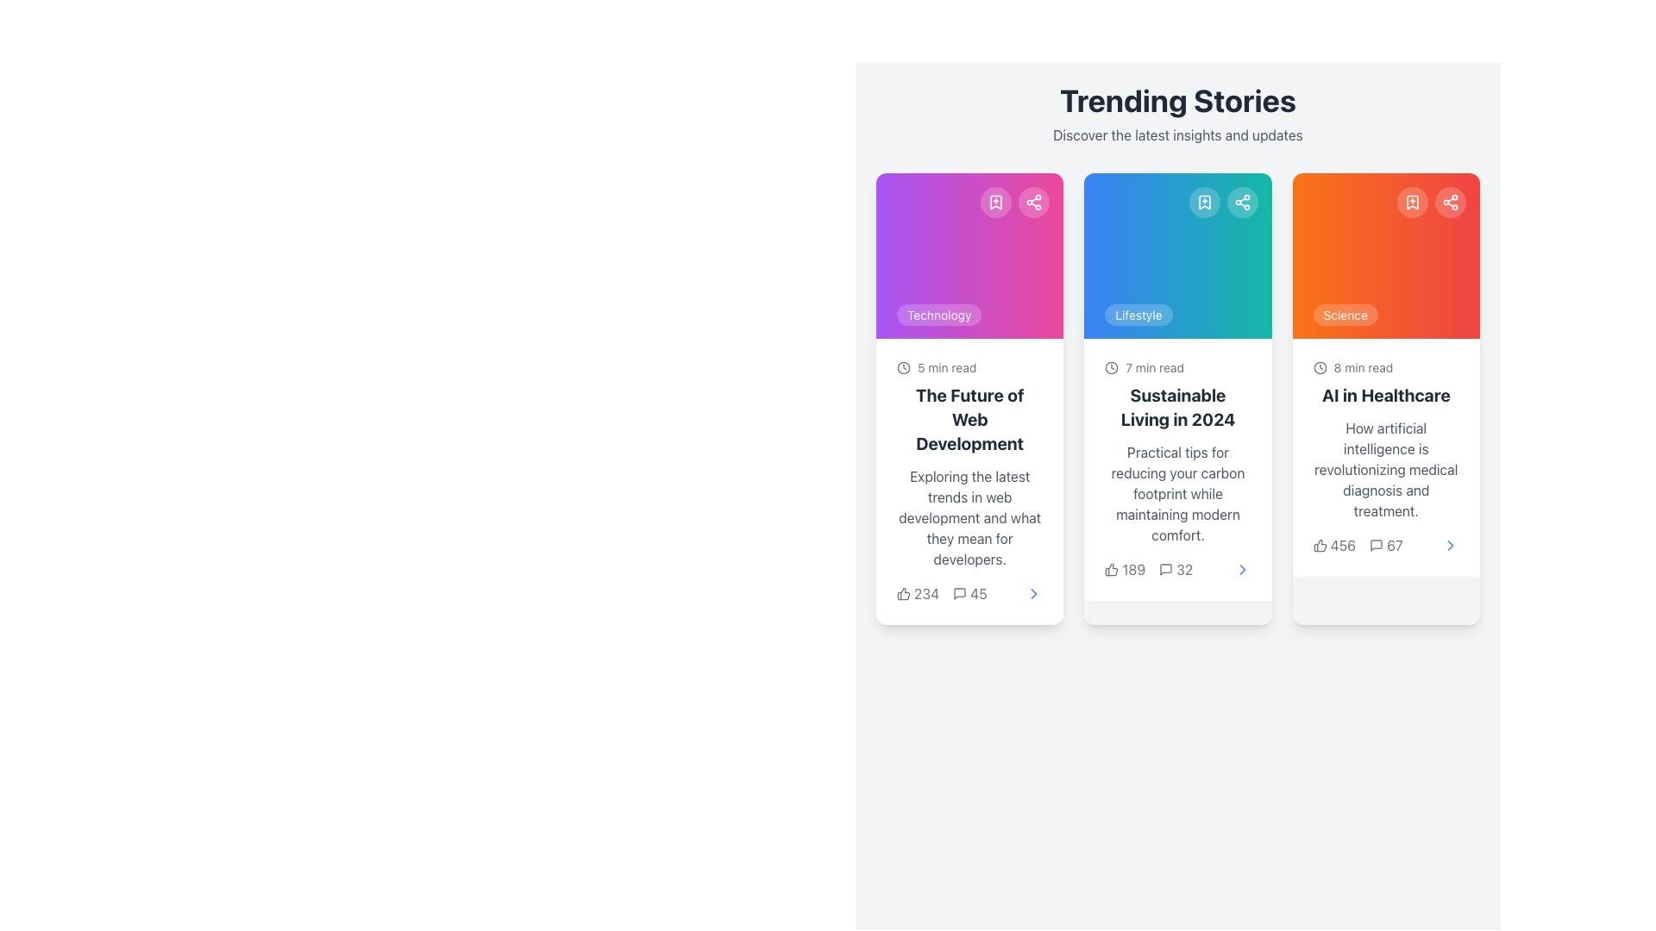  What do you see at coordinates (1177, 398) in the screenshot?
I see `the clickable card that provides details about the article titled 'Sustainable Living in 2024'` at bounding box center [1177, 398].